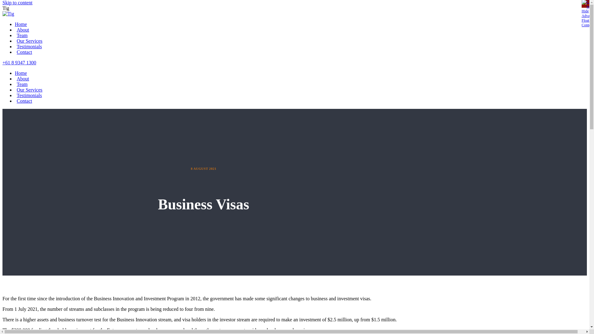 The height and width of the screenshot is (334, 594). I want to click on 'About', so click(15, 30).